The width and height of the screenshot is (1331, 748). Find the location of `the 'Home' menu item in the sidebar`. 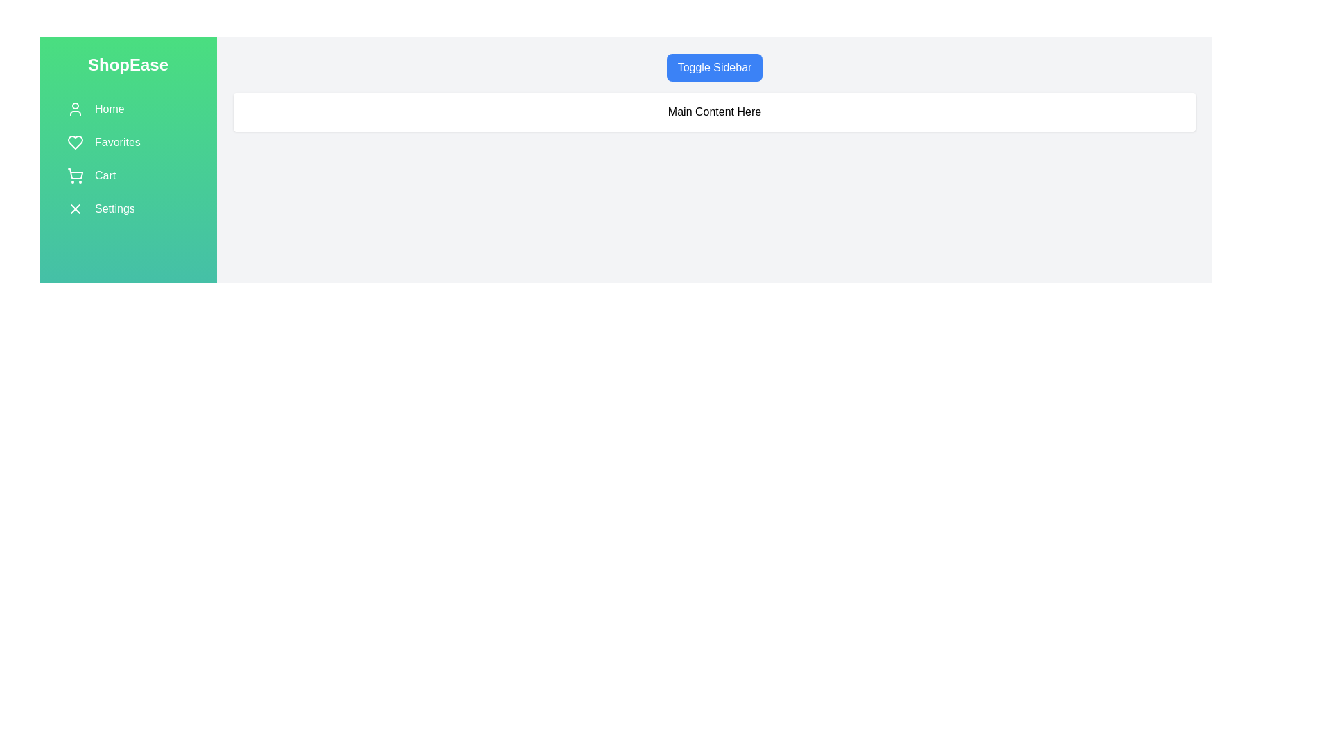

the 'Home' menu item in the sidebar is located at coordinates (128, 109).